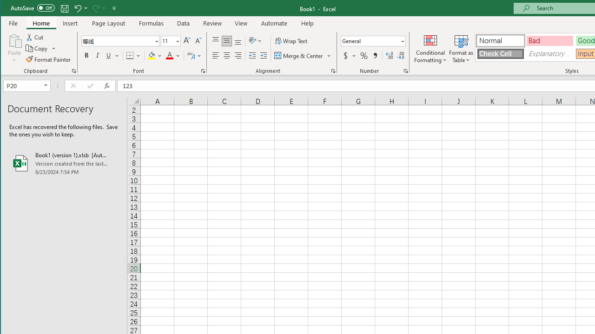 This screenshot has width=595, height=334. Describe the element at coordinates (13, 23) in the screenshot. I see `'File Tab'` at that location.